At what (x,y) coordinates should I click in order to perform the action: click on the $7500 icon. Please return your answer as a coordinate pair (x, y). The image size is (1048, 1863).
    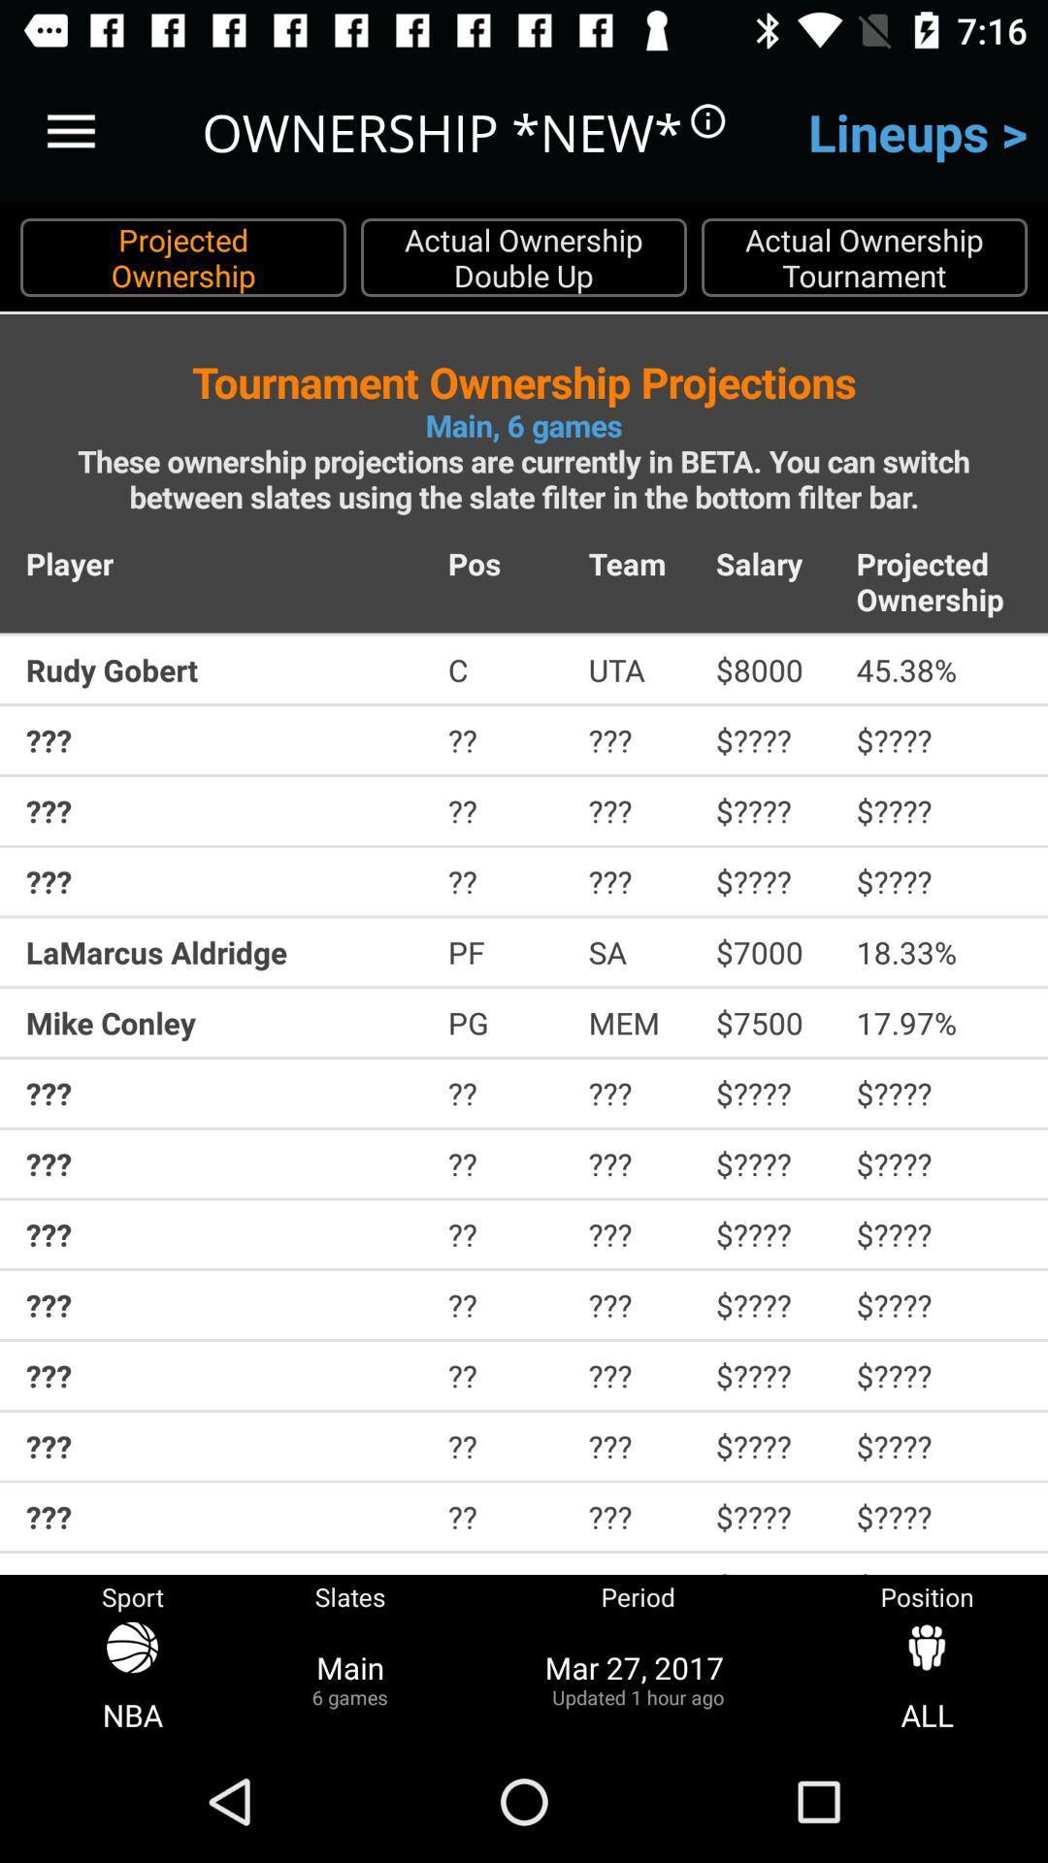
    Looking at the image, I should click on (771, 1022).